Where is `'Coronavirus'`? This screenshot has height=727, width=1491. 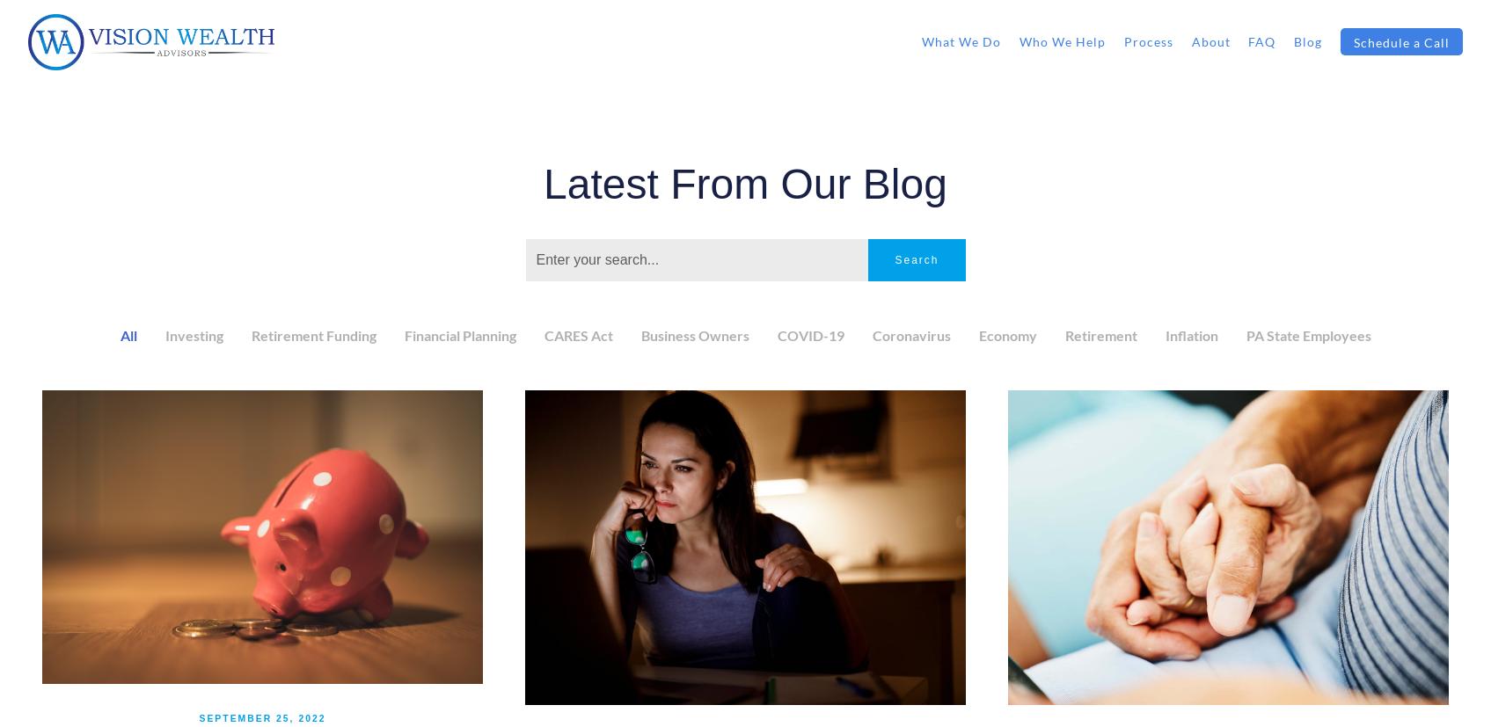 'Coronavirus' is located at coordinates (910, 334).